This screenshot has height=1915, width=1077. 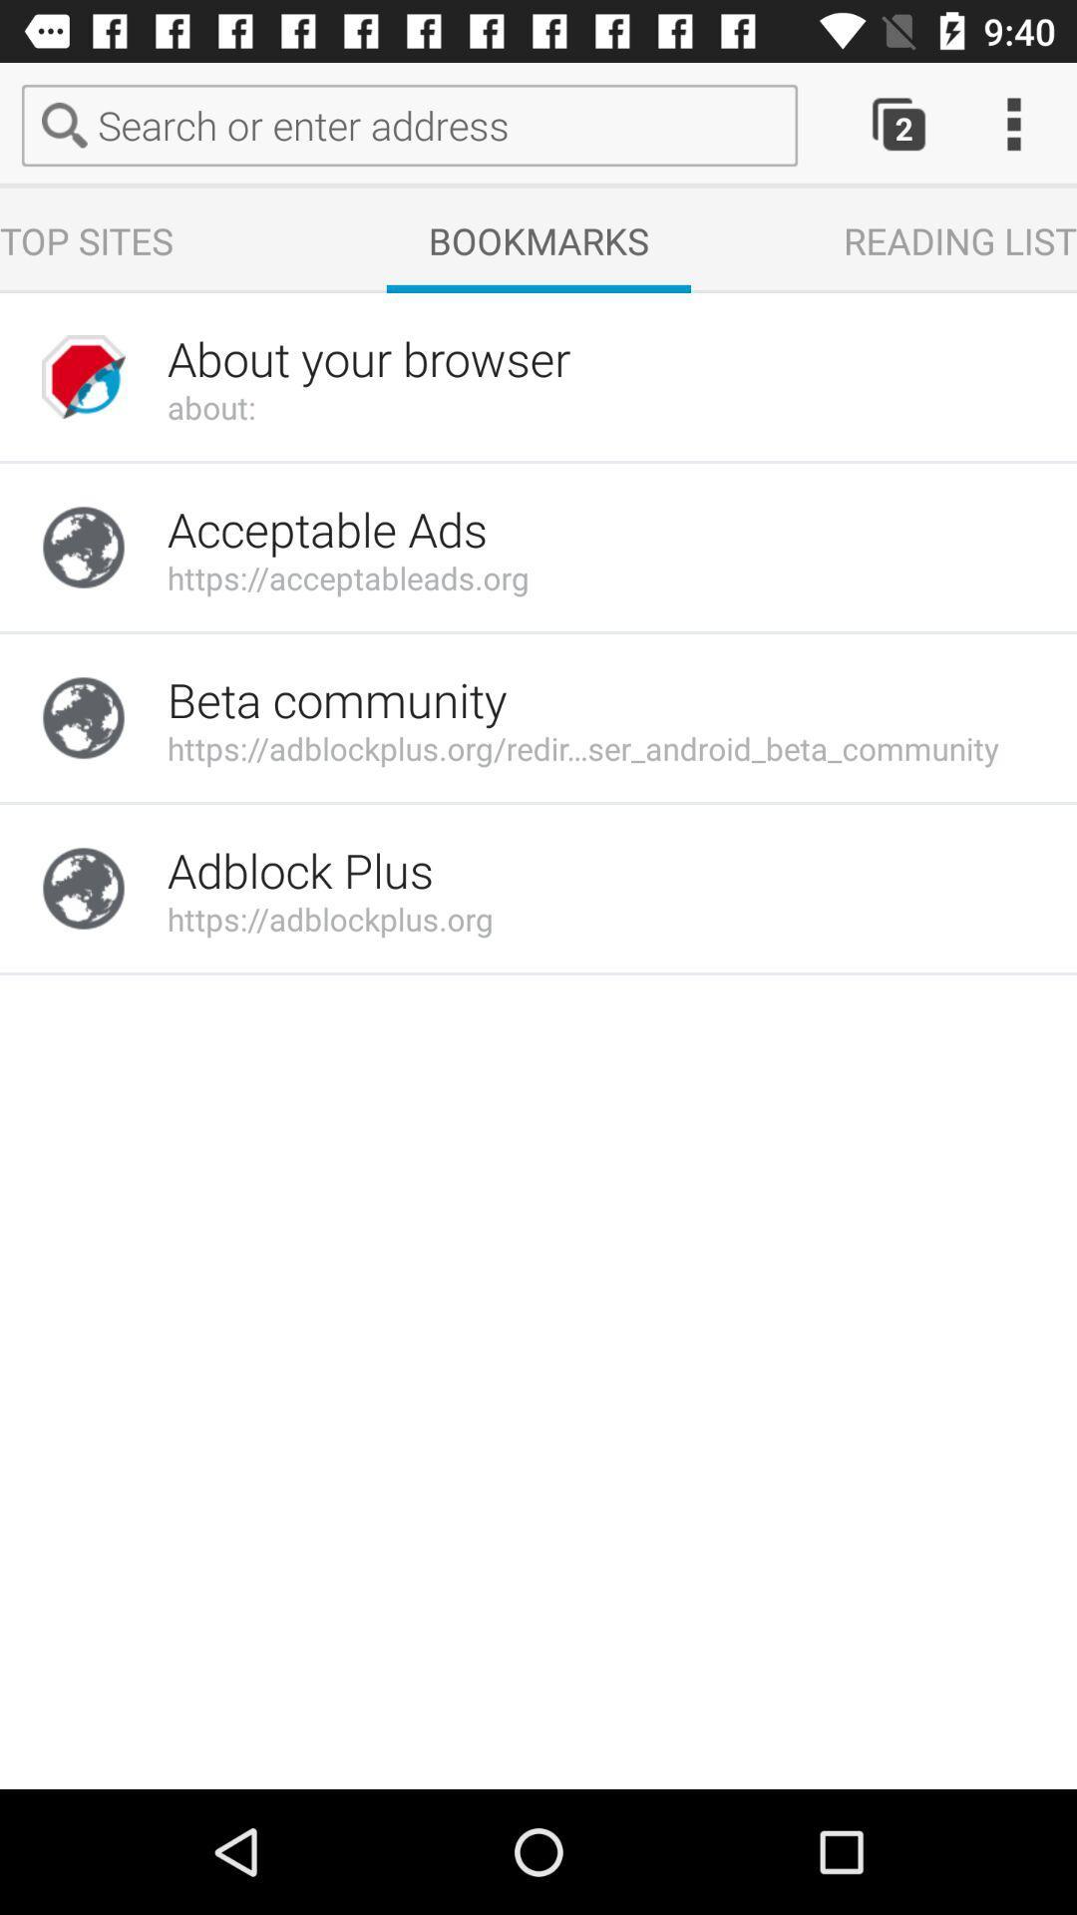 What do you see at coordinates (867, 124) in the screenshot?
I see `the icon which is to the immediate left of more options button` at bounding box center [867, 124].